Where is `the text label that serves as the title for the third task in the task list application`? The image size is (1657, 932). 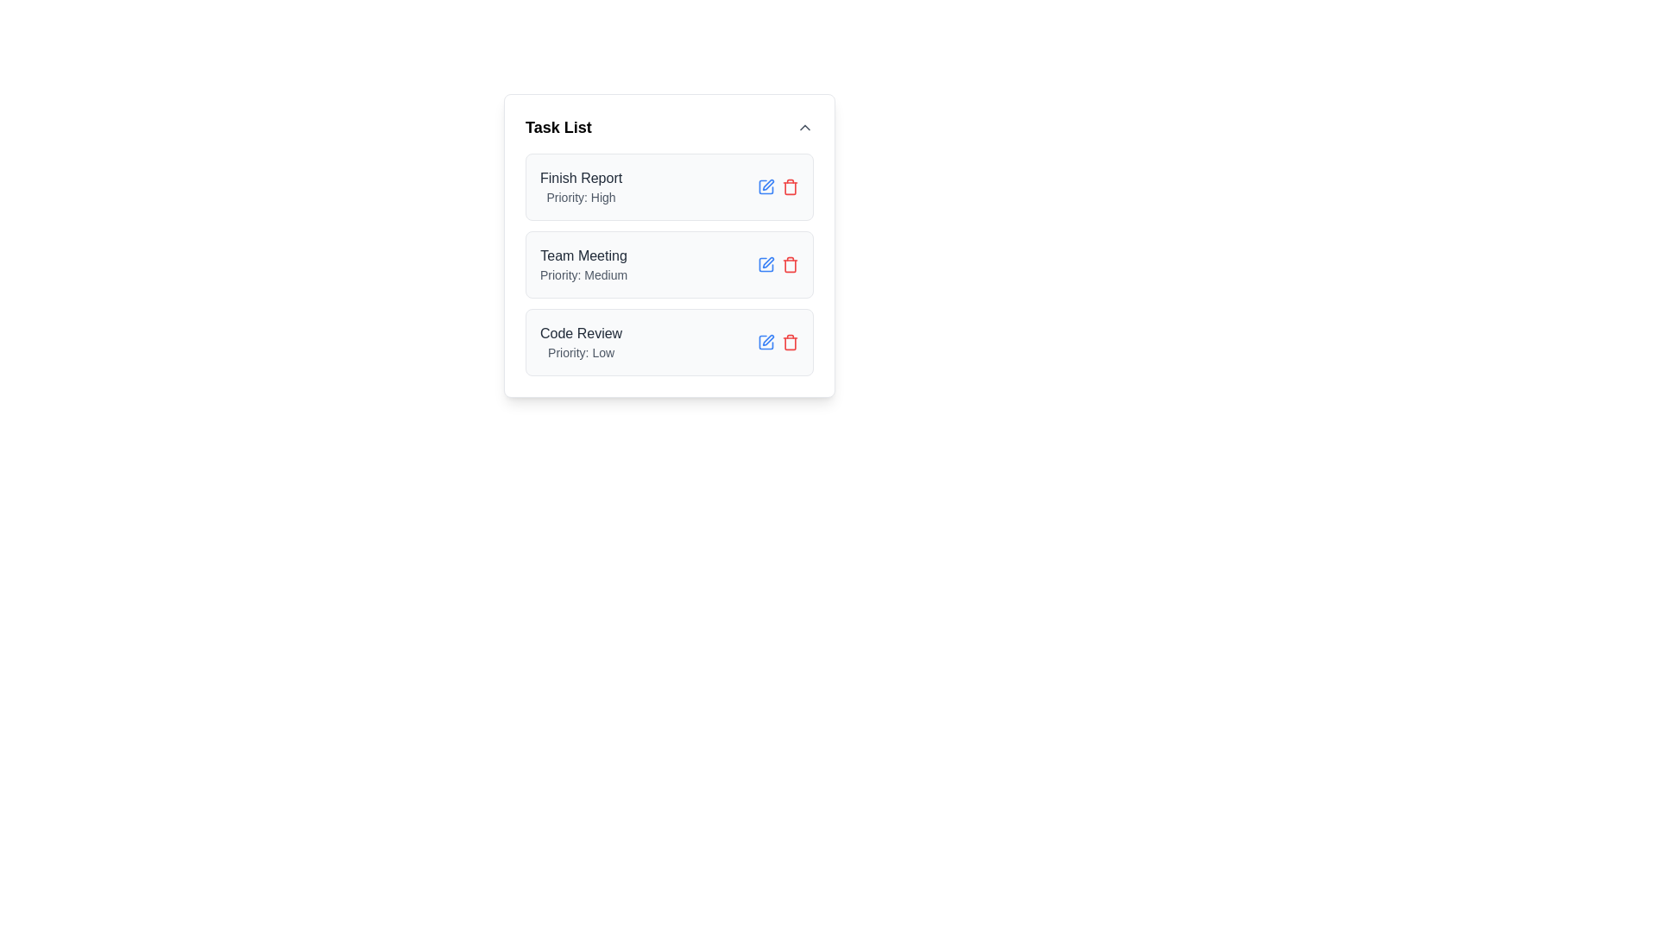 the text label that serves as the title for the third task in the task list application is located at coordinates (581, 333).